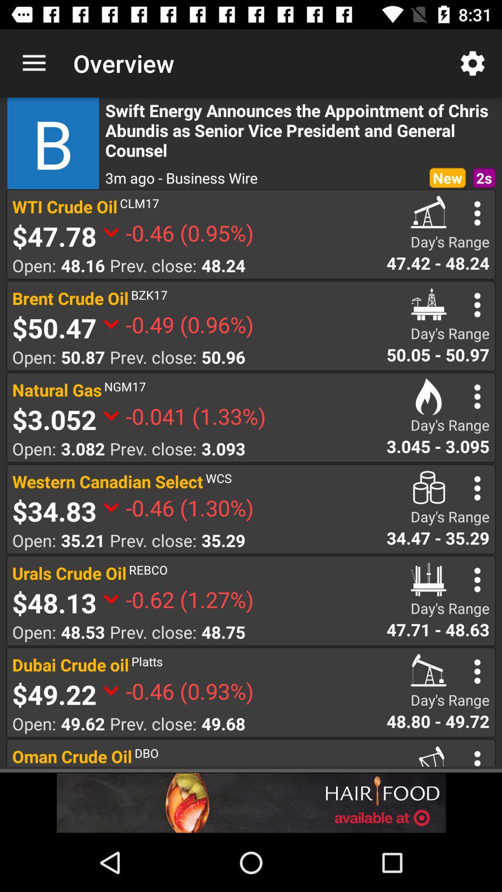 The width and height of the screenshot is (502, 892). I want to click on open options, so click(477, 396).